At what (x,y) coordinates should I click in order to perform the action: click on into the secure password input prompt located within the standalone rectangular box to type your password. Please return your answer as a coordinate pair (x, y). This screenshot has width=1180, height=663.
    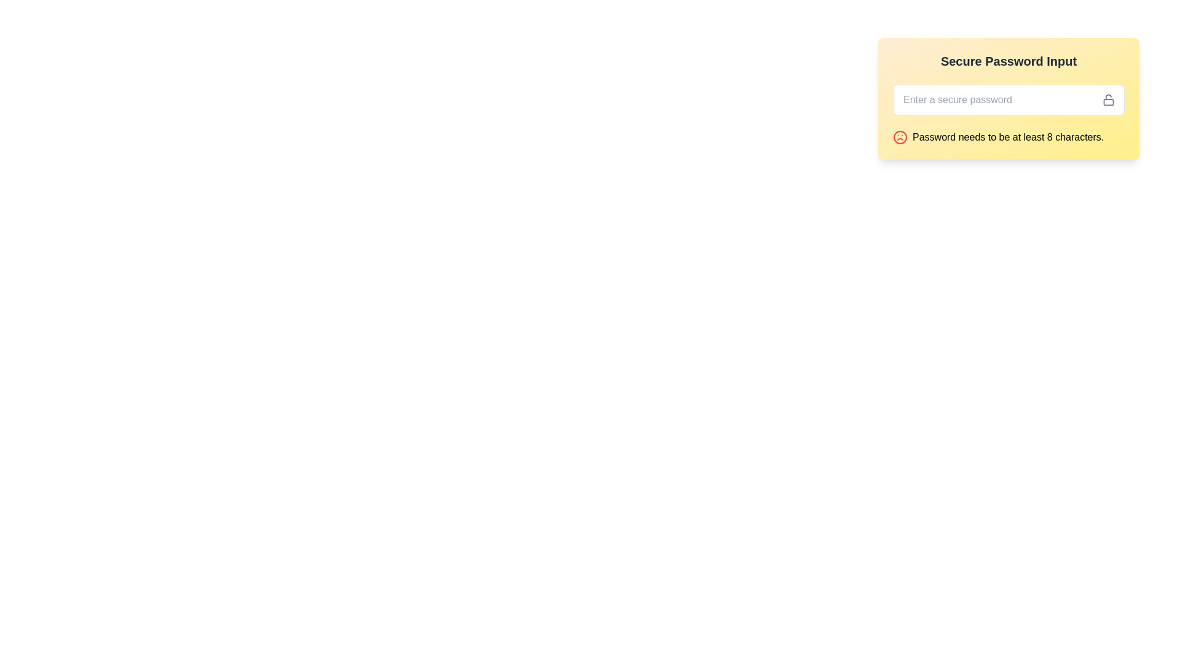
    Looking at the image, I should click on (1009, 98).